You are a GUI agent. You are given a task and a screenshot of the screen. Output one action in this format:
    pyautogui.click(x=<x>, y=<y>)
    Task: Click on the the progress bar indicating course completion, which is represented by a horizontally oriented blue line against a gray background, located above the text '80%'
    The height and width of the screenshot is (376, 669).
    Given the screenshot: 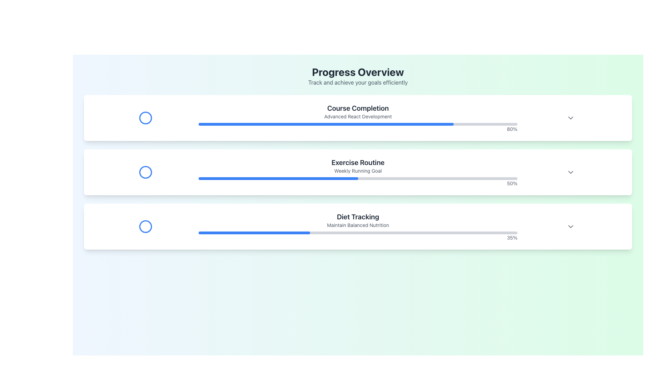 What is the action you would take?
    pyautogui.click(x=358, y=124)
    